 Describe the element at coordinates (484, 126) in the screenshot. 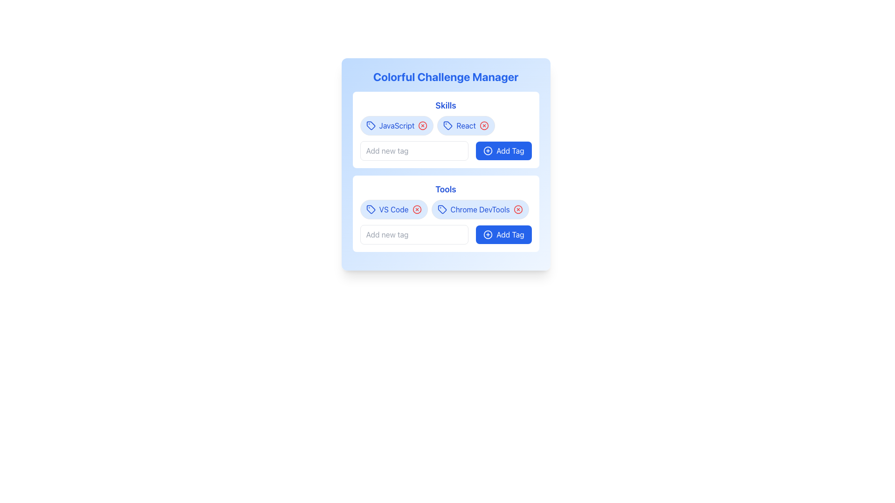

I see `the circular graphical element located to the right of the 'React' label within the 'Skills' section, which is characterized by its clean, minimalist design as part of an icon` at that location.